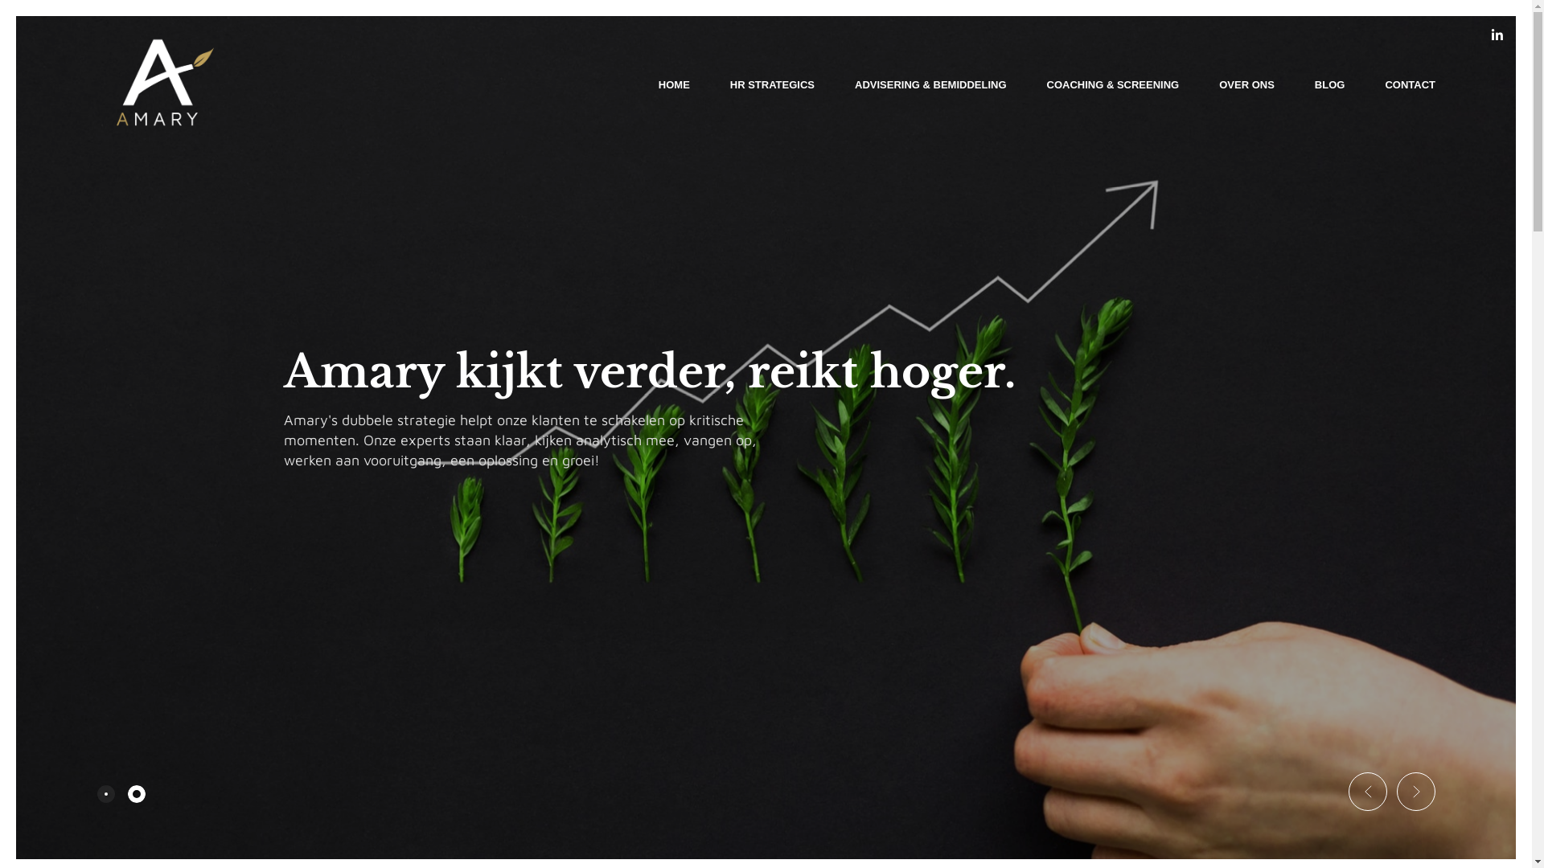 The image size is (1544, 868). What do you see at coordinates (1112, 84) in the screenshot?
I see `'COACHING & SCREENING'` at bounding box center [1112, 84].